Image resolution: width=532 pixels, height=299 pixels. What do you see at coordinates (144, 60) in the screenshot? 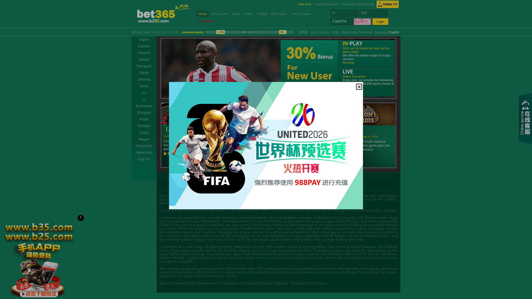
I see `'Italiano'` at bounding box center [144, 60].